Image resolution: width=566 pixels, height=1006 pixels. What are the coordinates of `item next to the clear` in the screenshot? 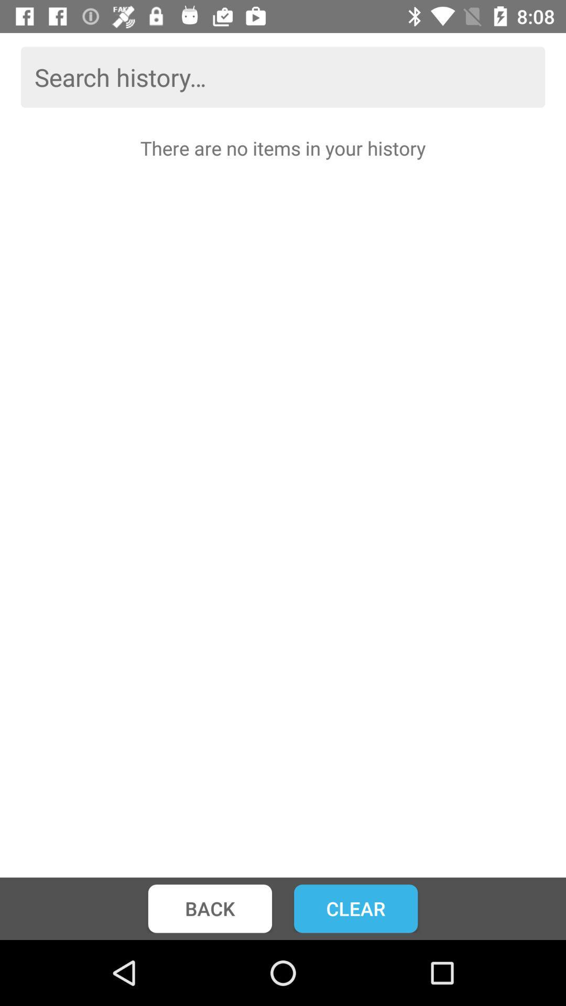 It's located at (210, 908).